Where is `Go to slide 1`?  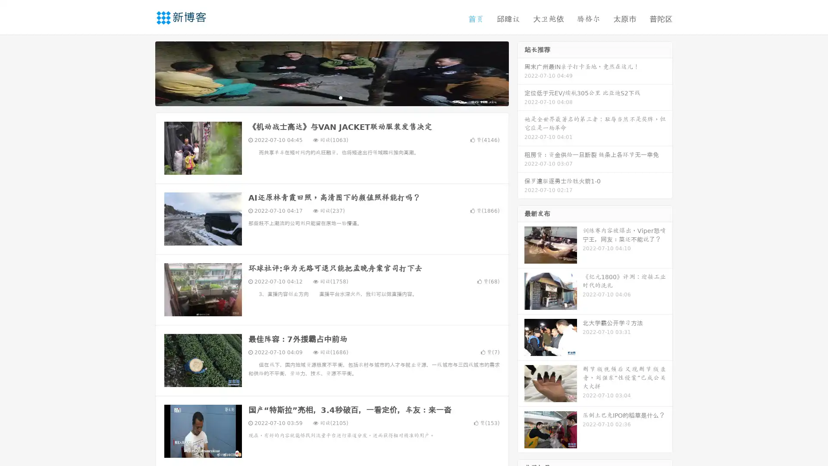
Go to slide 1 is located at coordinates (323, 97).